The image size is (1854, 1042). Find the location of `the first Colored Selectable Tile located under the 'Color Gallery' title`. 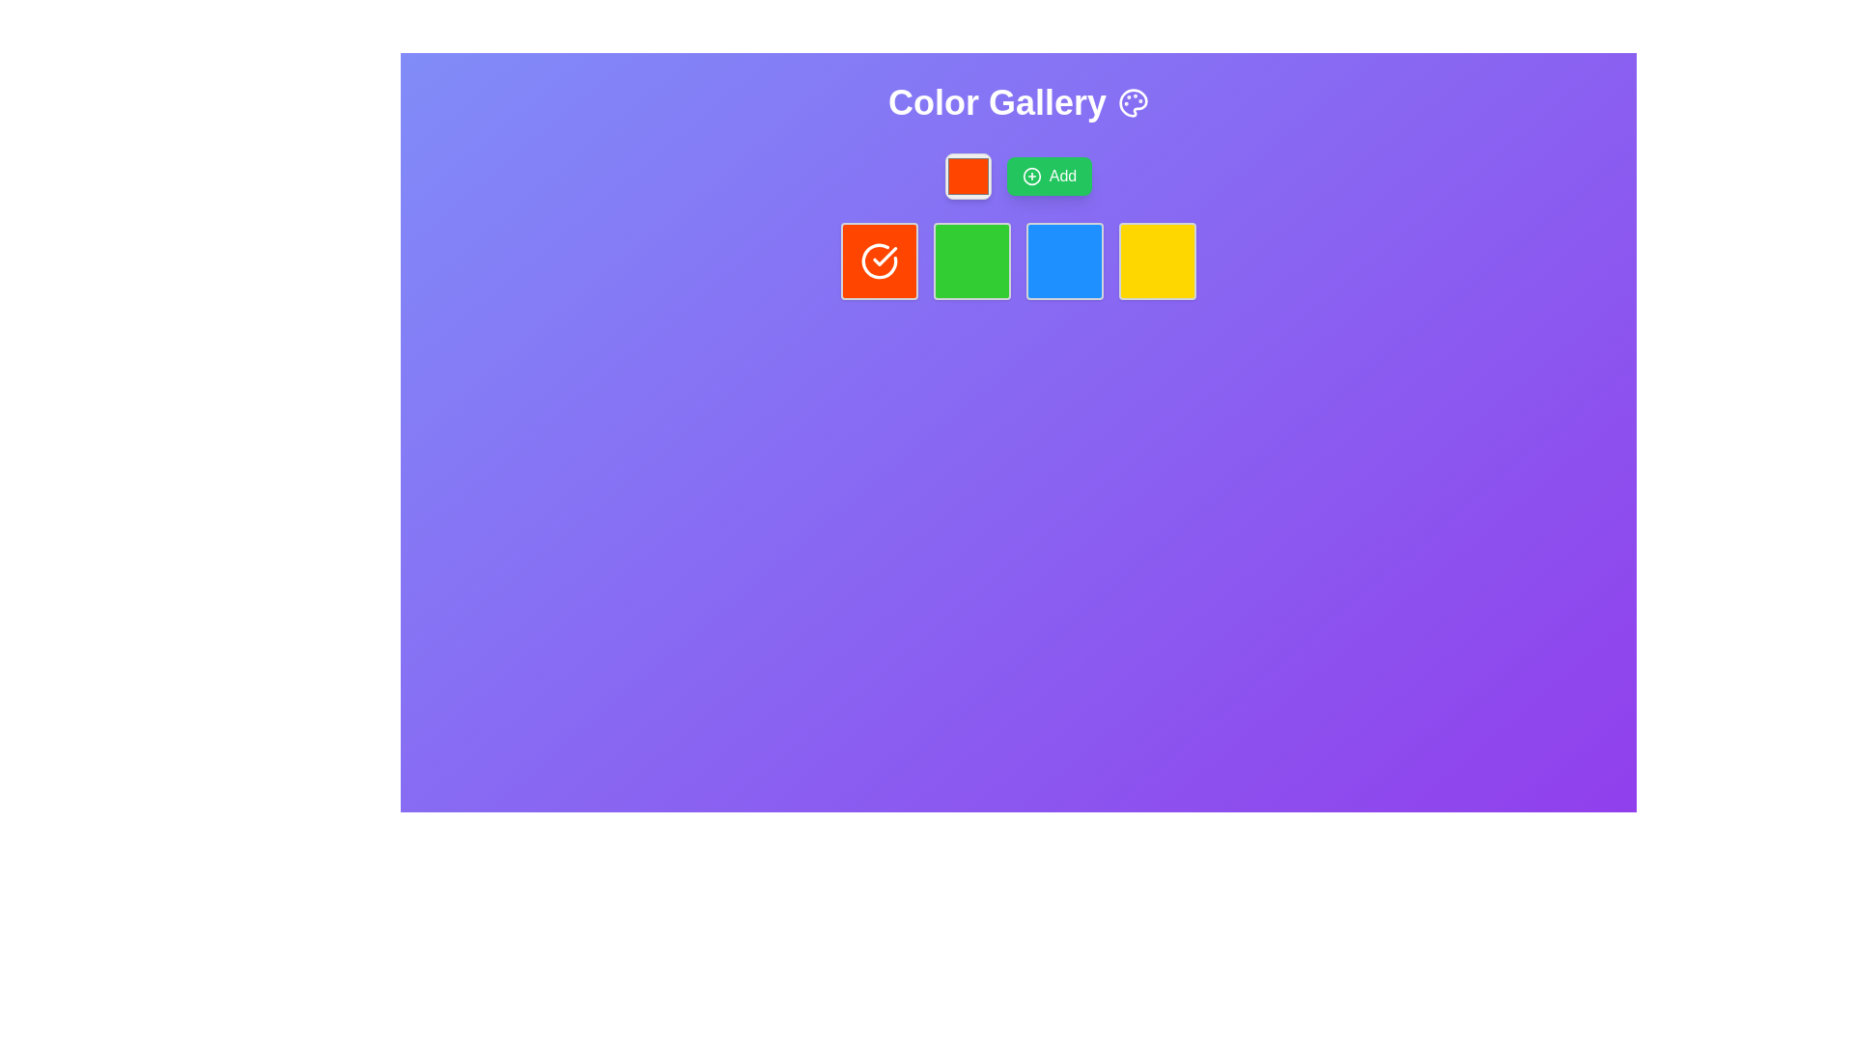

the first Colored Selectable Tile located under the 'Color Gallery' title is located at coordinates (879, 260).